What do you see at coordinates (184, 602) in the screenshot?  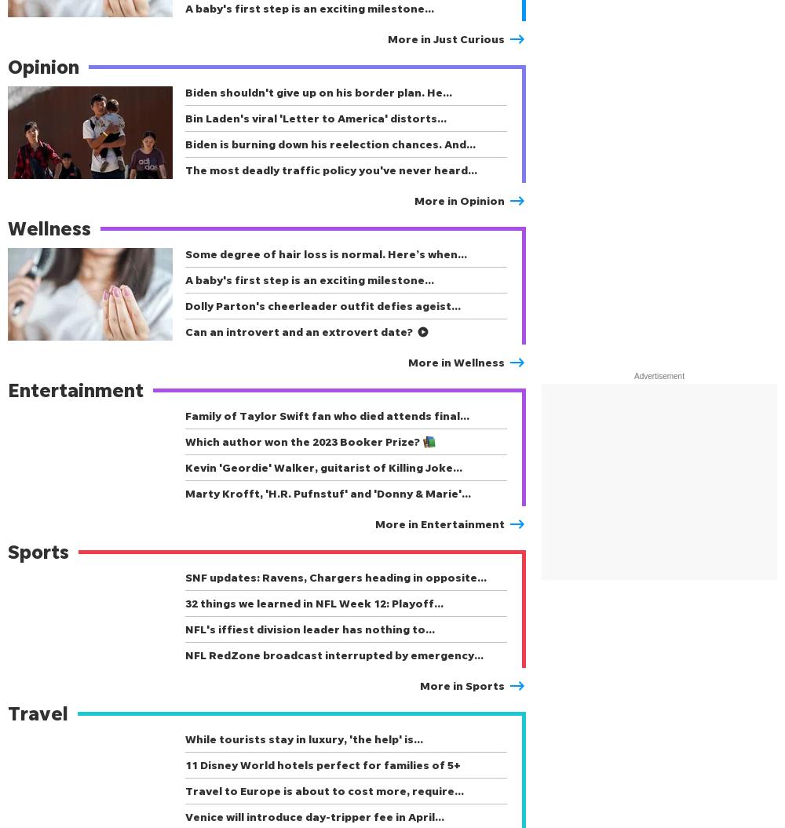 I see `'32 things we learned in NFL Week 12: Playoff…'` at bounding box center [184, 602].